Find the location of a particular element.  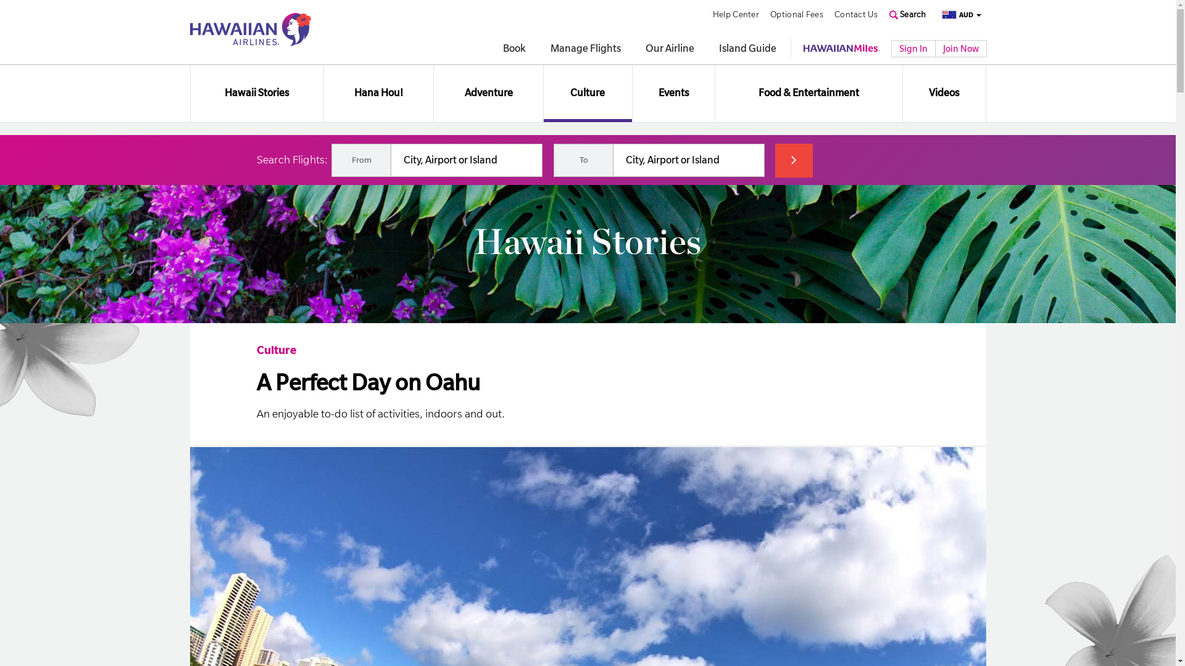

'Contact Us' is located at coordinates (834, 14).